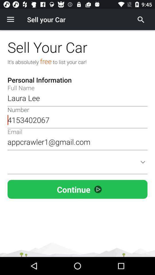  I want to click on drop down menu, so click(77, 166).